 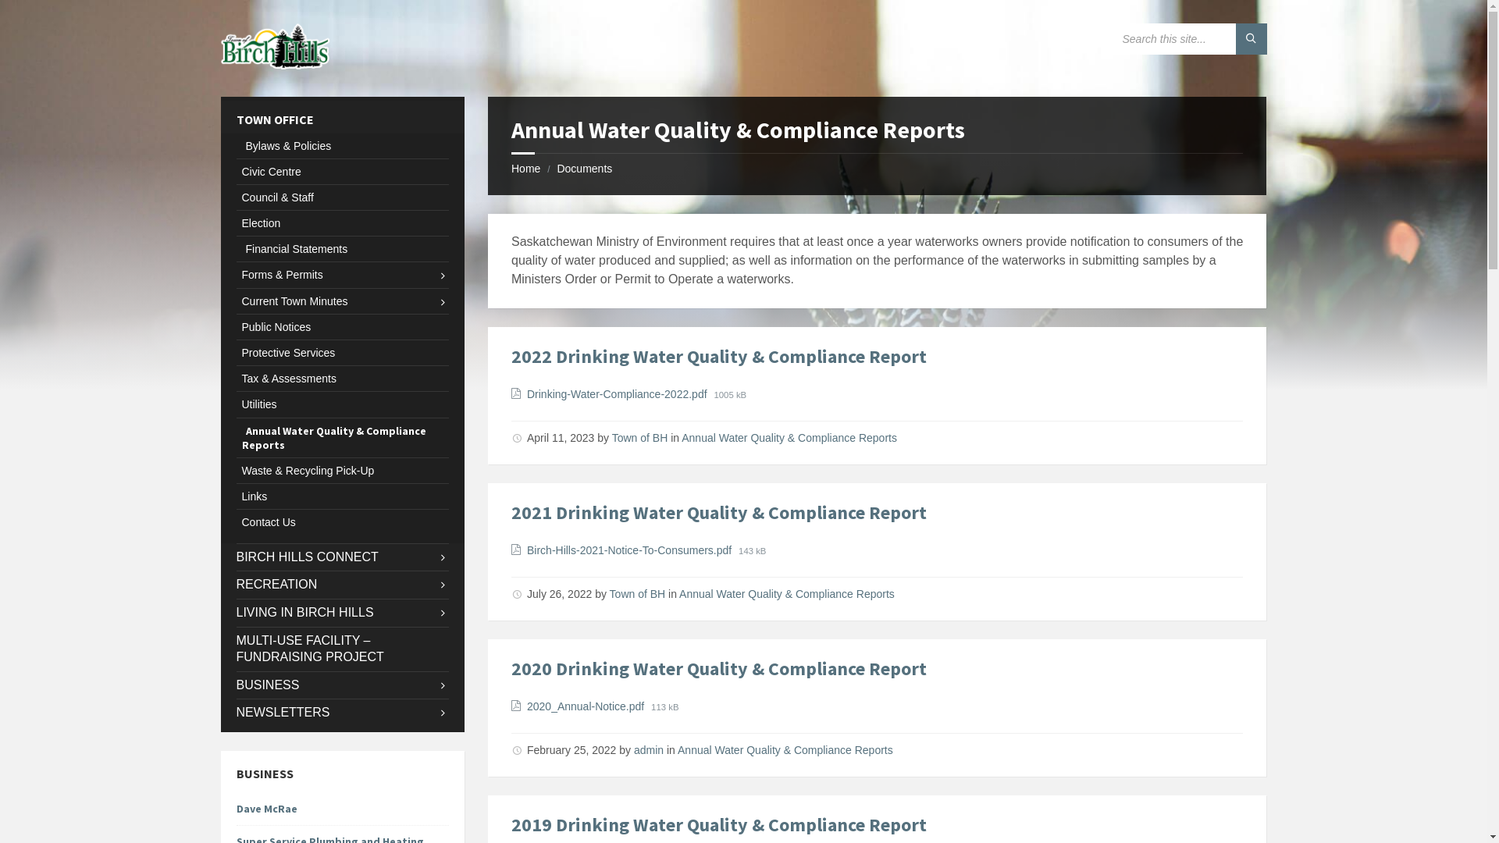 What do you see at coordinates (340, 521) in the screenshot?
I see `'Contact Us'` at bounding box center [340, 521].